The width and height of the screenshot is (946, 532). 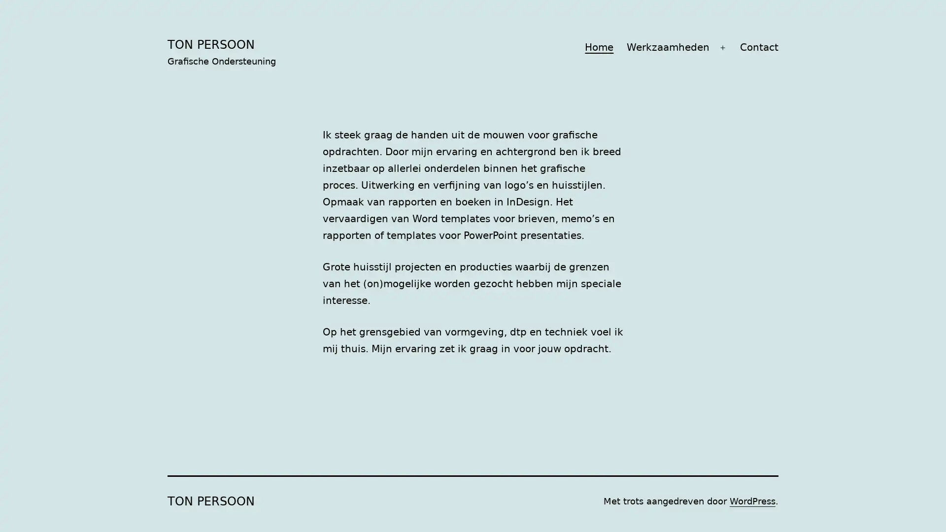 What do you see at coordinates (722, 47) in the screenshot?
I see `Open menu` at bounding box center [722, 47].